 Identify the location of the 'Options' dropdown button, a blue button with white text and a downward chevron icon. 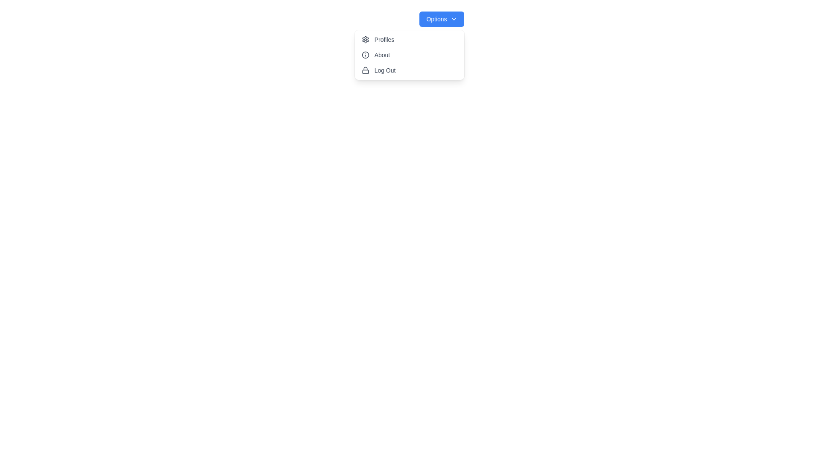
(442, 19).